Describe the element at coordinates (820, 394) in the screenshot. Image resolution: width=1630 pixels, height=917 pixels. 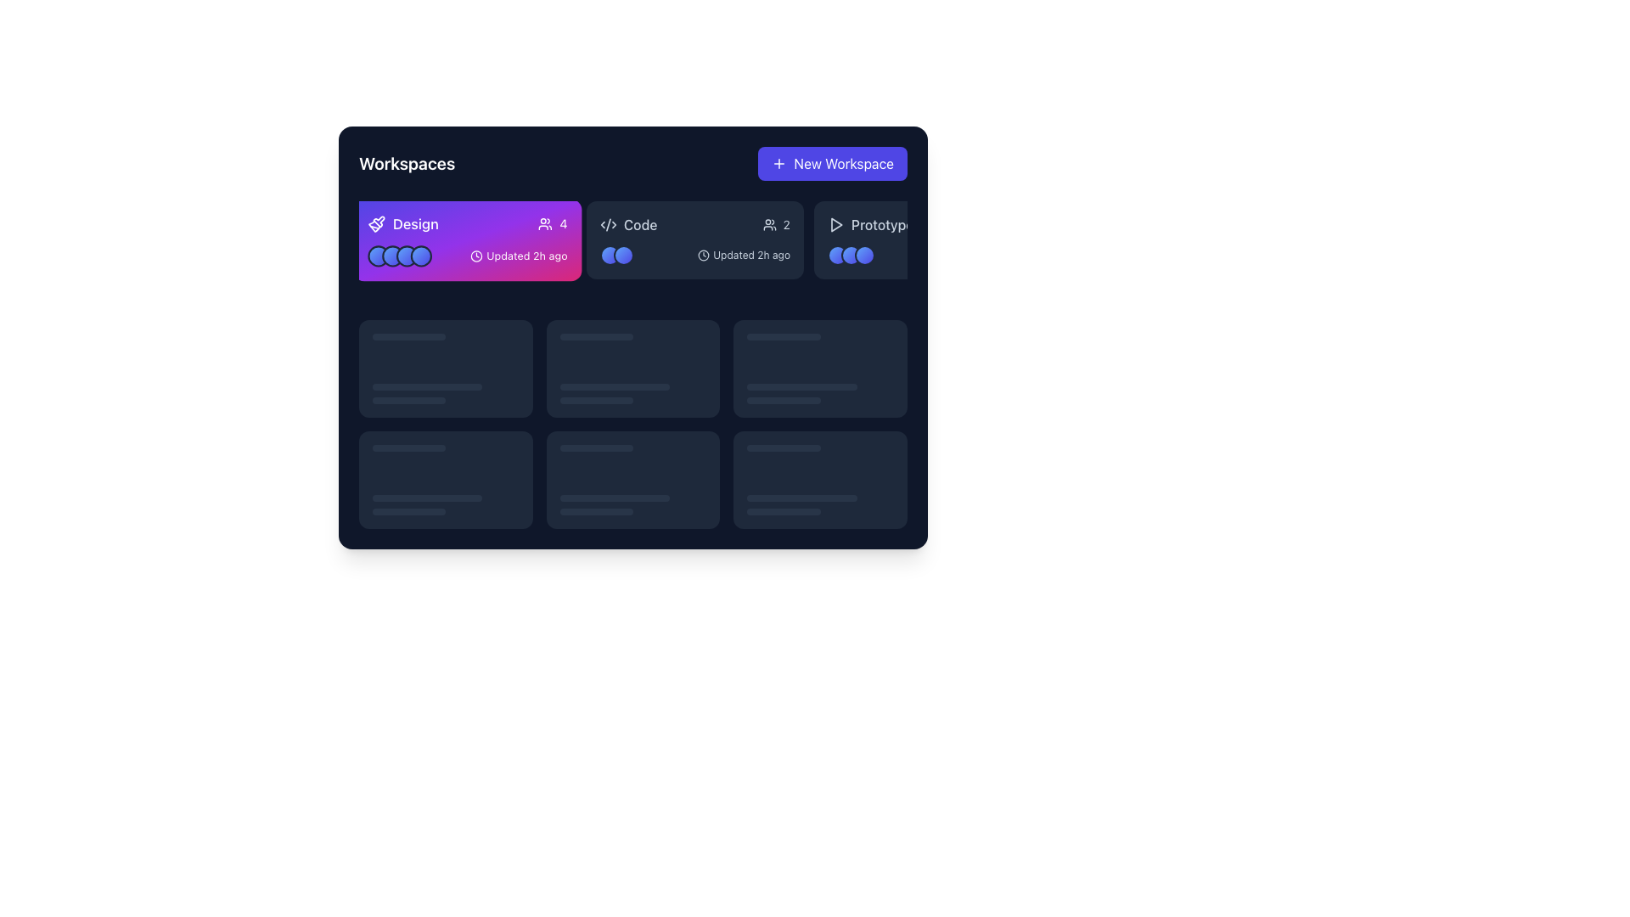
I see `the placeholder or loading indicator located in the second row, rightmost column of a grid-like layout within a card element` at that location.